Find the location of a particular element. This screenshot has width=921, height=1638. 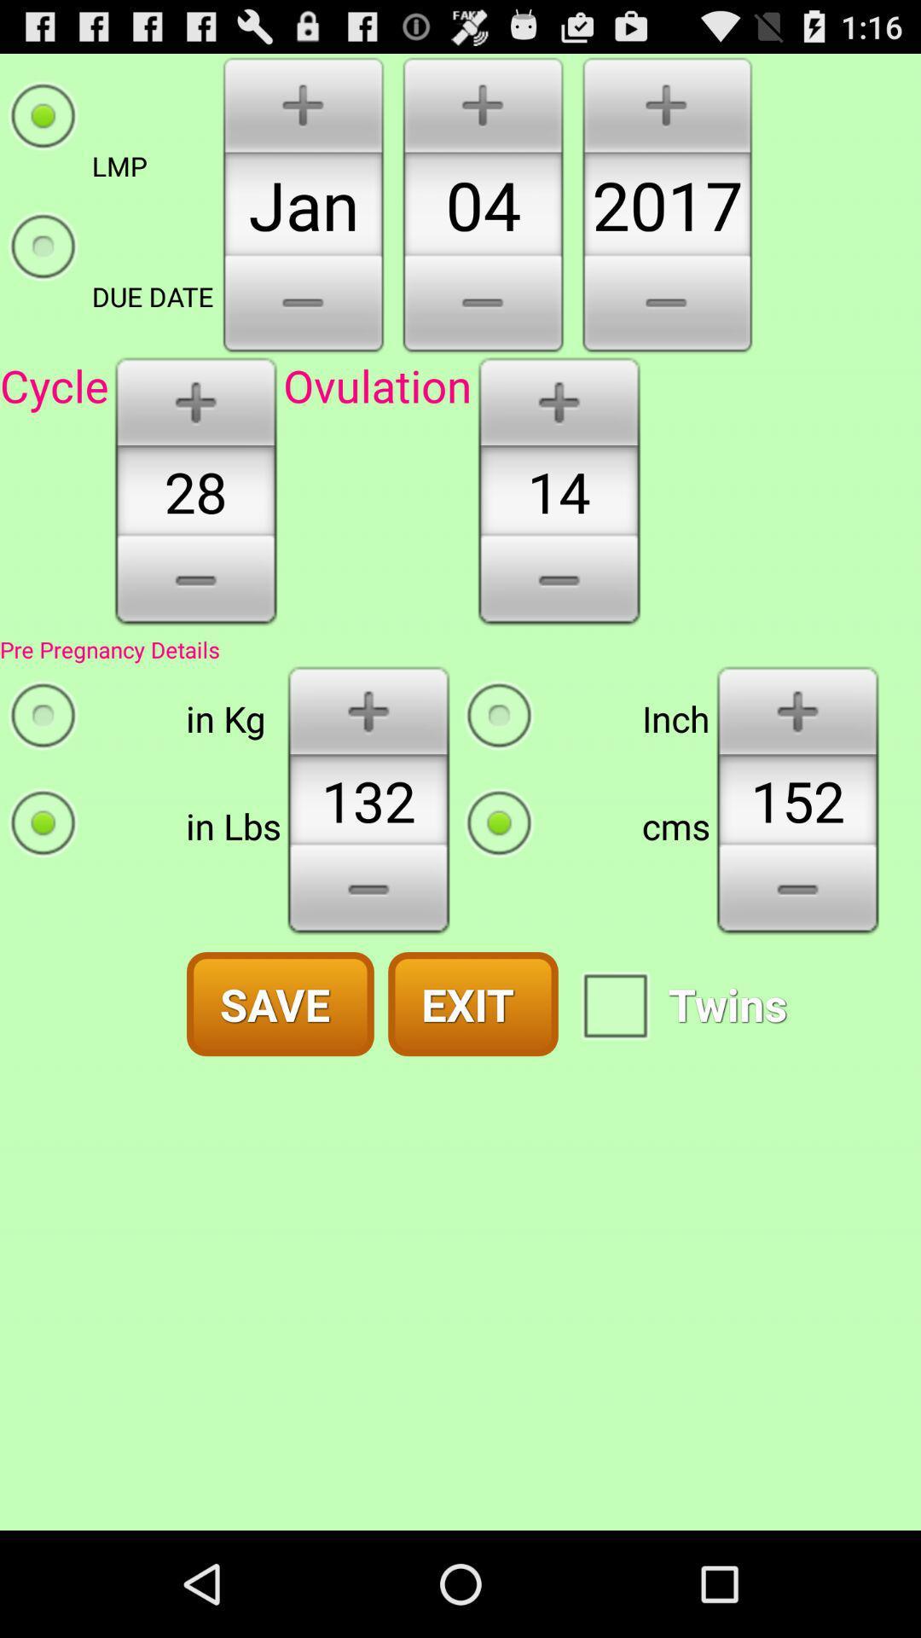

increase is located at coordinates (797, 709).